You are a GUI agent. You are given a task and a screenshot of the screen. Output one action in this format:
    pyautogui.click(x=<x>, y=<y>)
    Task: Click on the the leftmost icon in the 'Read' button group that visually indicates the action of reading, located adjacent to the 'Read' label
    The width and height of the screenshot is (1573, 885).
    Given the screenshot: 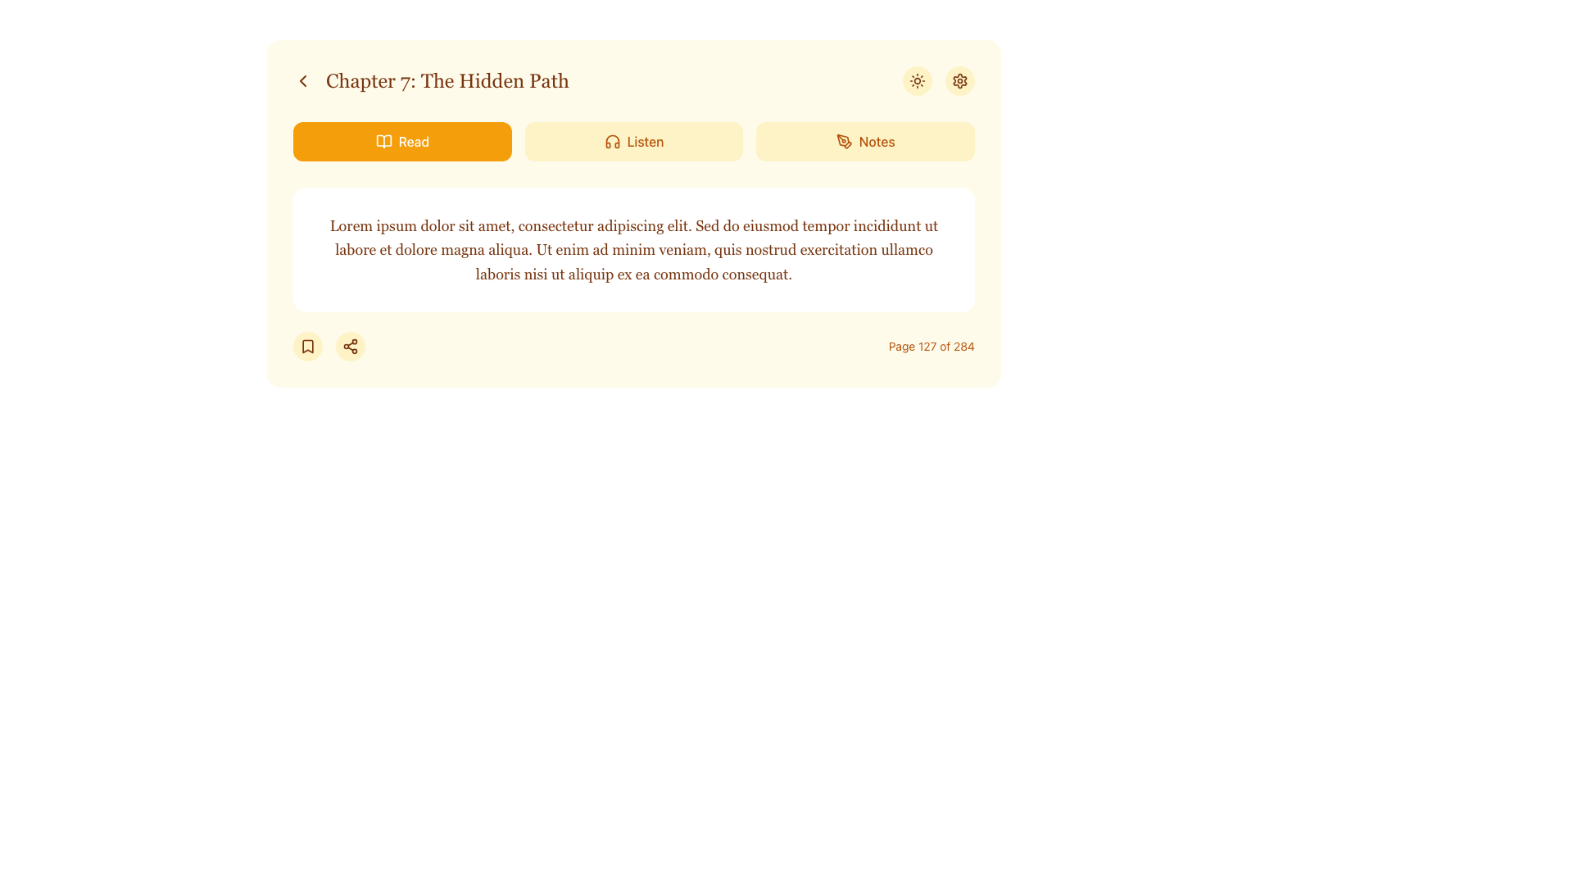 What is the action you would take?
    pyautogui.click(x=383, y=141)
    